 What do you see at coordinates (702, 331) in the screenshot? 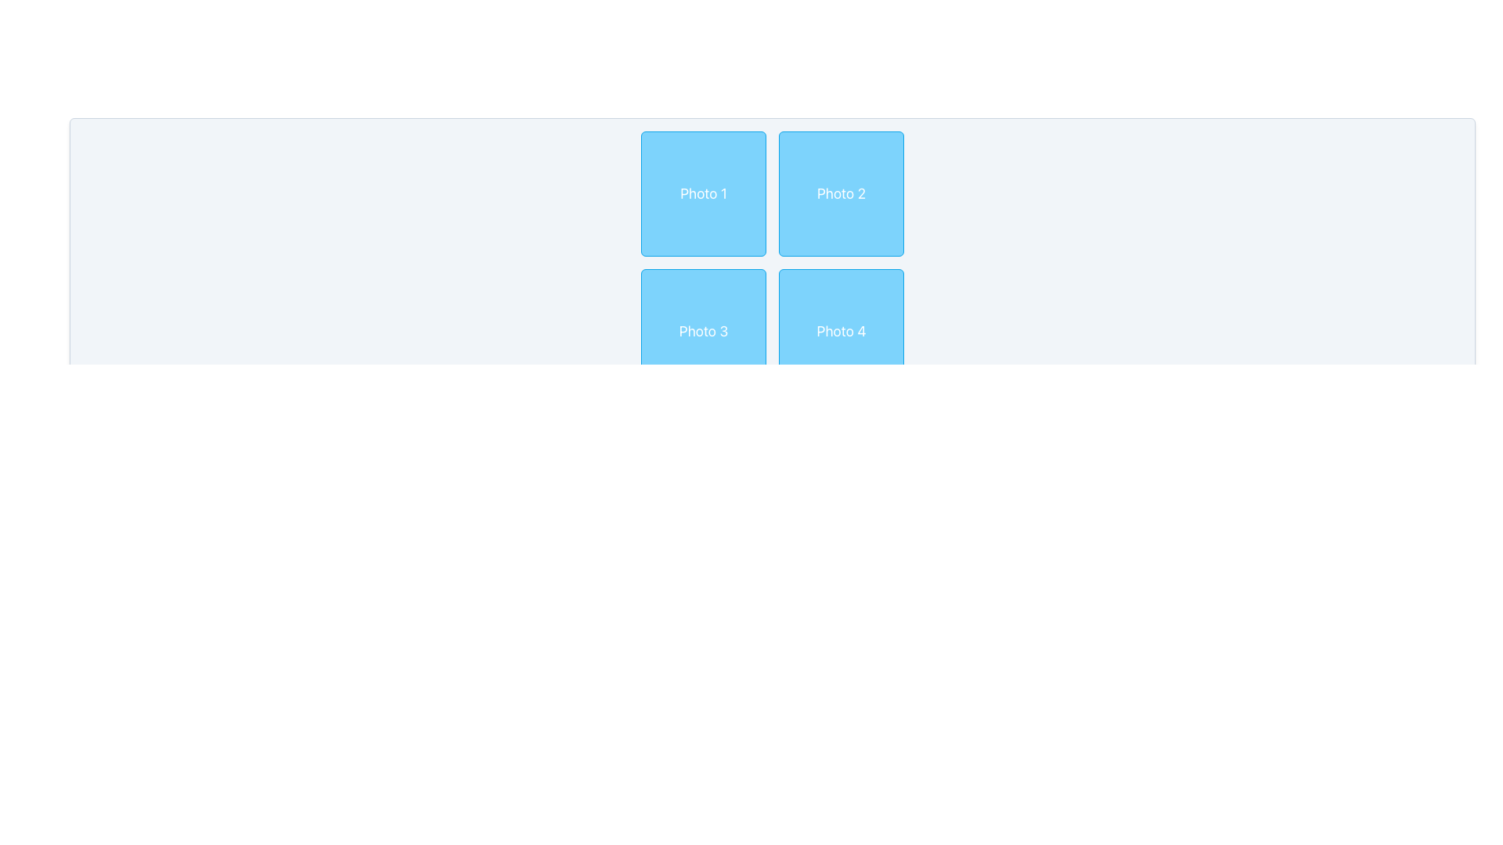
I see `the static label or tile located in the second row and first column of the grid structure, which serves as a visual identifier` at bounding box center [702, 331].